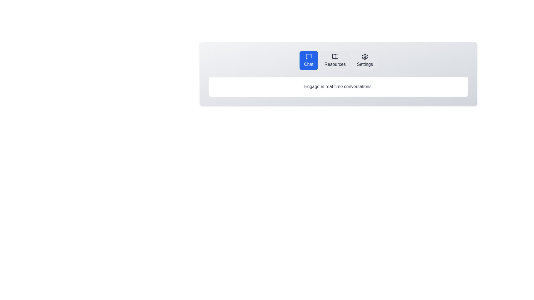 The image size is (534, 300). Describe the element at coordinates (335, 57) in the screenshot. I see `the small black-and-white open book icon located in the center of the 'Resources' button area in the horizontal menu` at that location.